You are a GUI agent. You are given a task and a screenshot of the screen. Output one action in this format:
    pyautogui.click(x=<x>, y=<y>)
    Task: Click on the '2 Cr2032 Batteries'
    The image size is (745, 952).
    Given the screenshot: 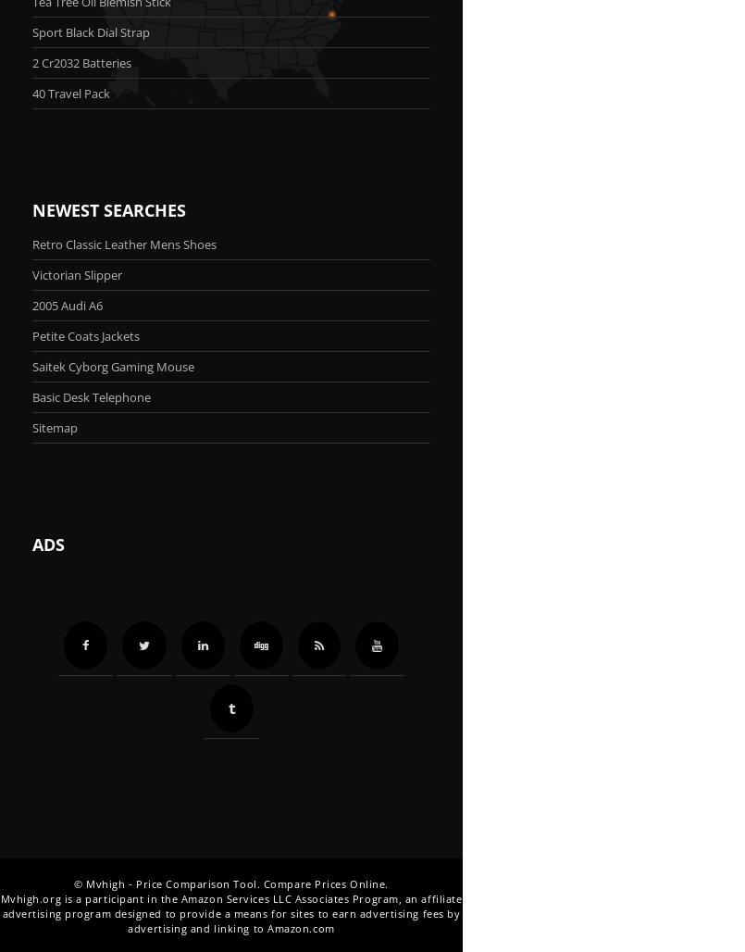 What is the action you would take?
    pyautogui.click(x=32, y=61)
    